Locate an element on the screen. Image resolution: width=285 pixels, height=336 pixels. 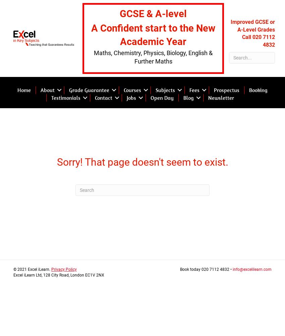
'Home' is located at coordinates (24, 90).